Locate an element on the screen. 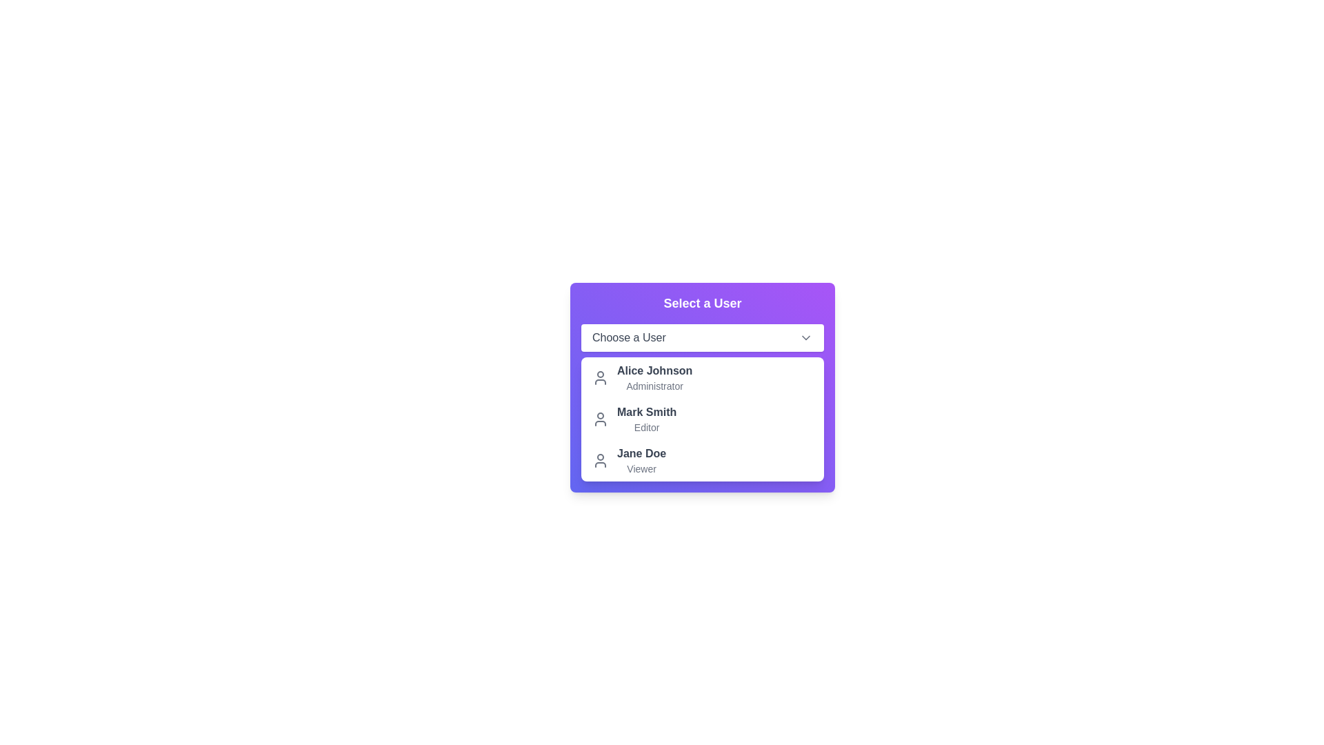 The width and height of the screenshot is (1324, 745). text label describing the user 'Mark Smith' as an 'Editor', located beneath the 'Mark Smith' text in the user list entry is located at coordinates (646, 427).